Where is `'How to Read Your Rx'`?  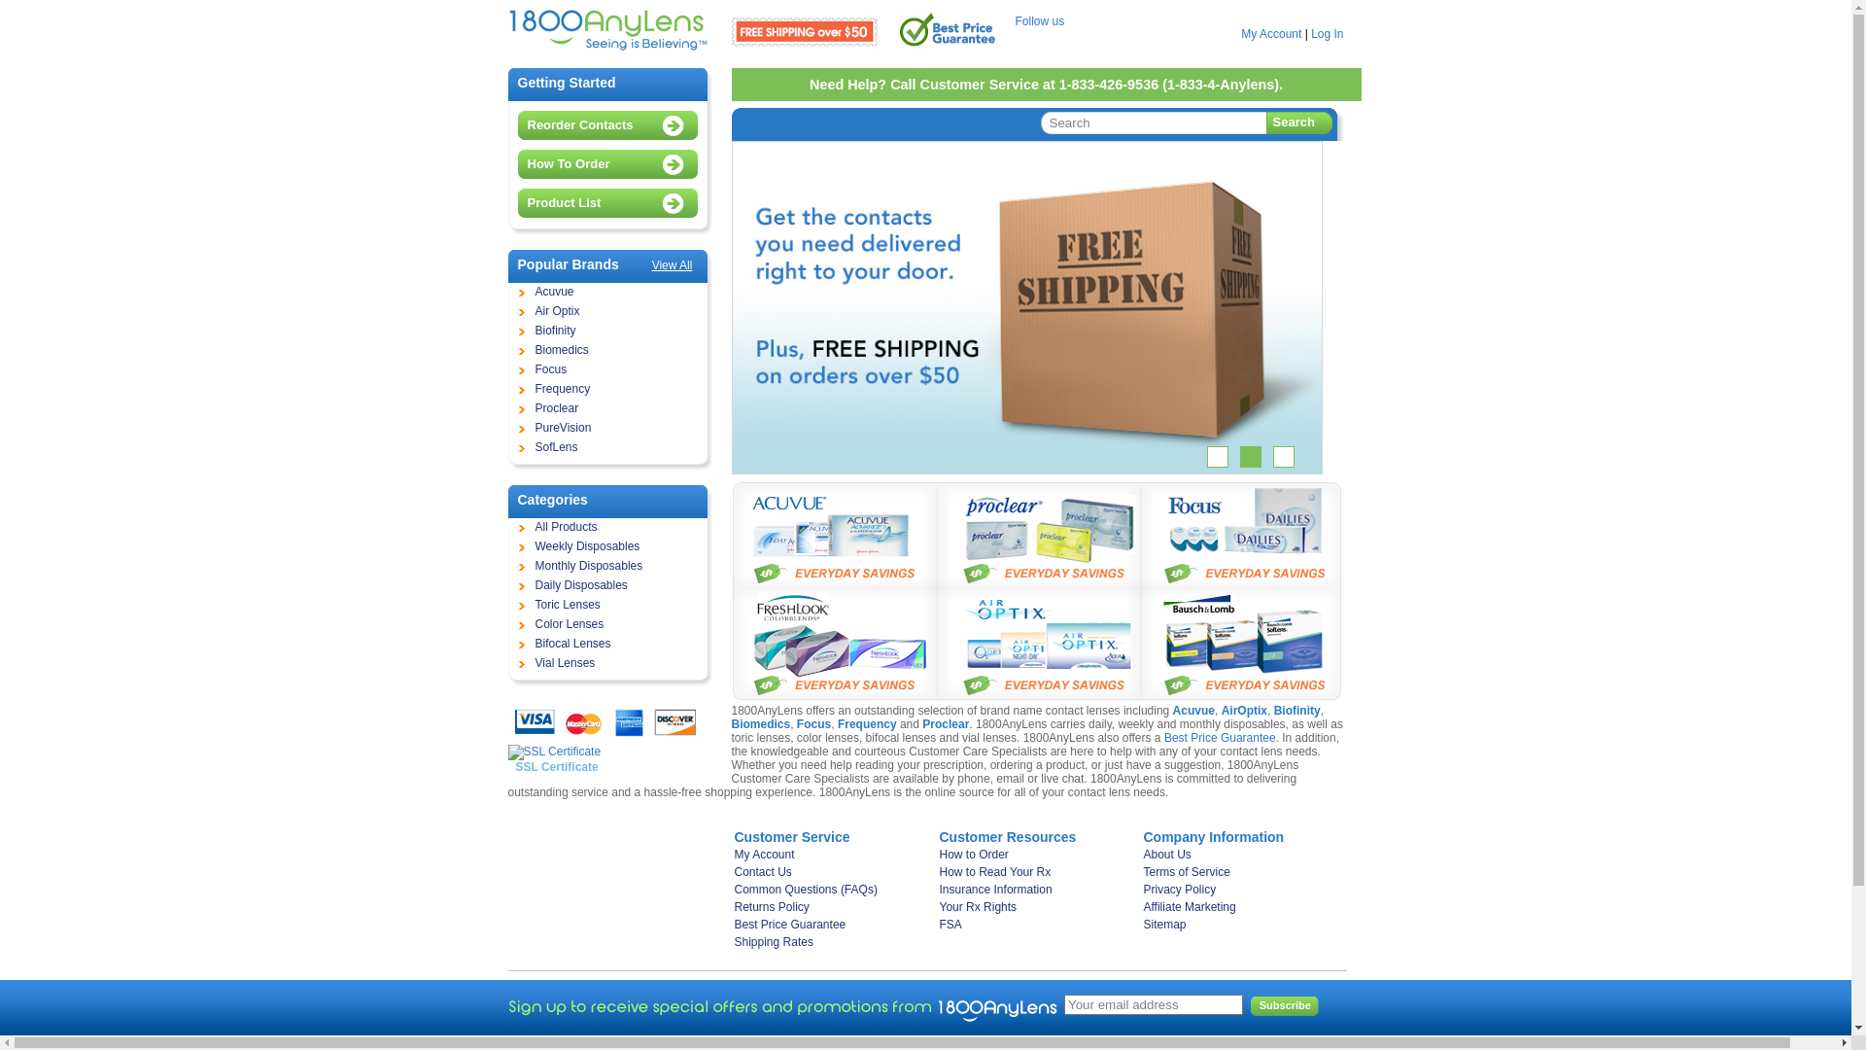
'How to Read Your Rx' is located at coordinates (938, 871).